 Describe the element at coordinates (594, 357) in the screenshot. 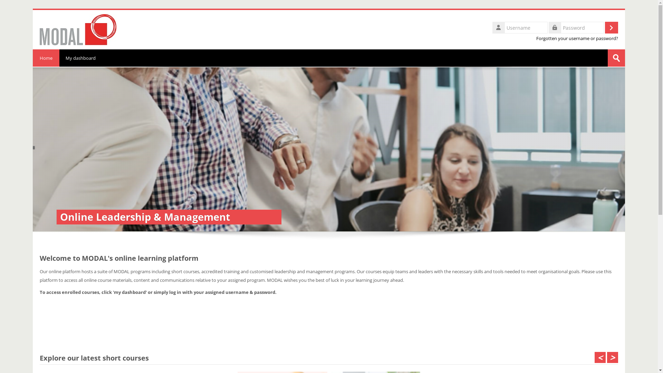

I see `'<'` at that location.